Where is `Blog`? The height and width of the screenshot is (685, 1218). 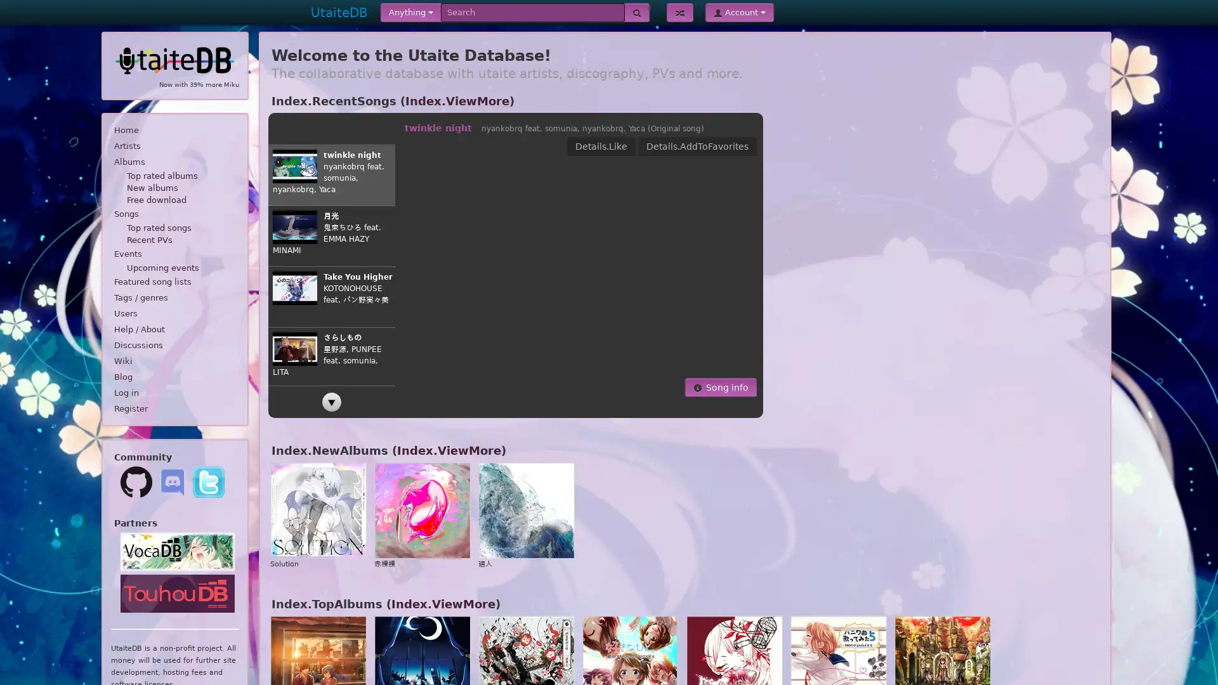
Blog is located at coordinates (174, 376).